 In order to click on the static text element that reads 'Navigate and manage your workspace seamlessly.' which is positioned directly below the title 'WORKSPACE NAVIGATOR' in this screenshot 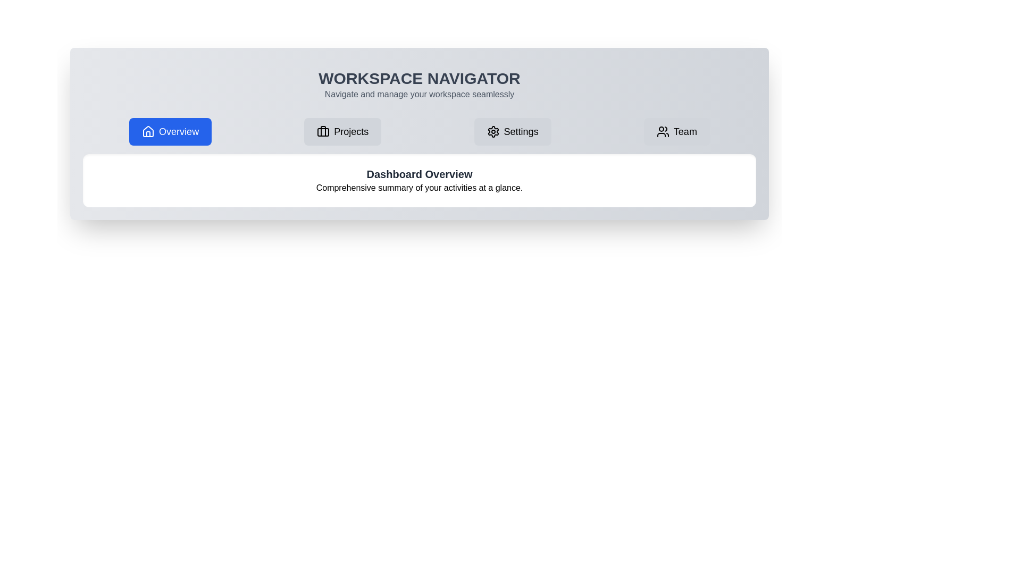, I will do `click(419, 94)`.